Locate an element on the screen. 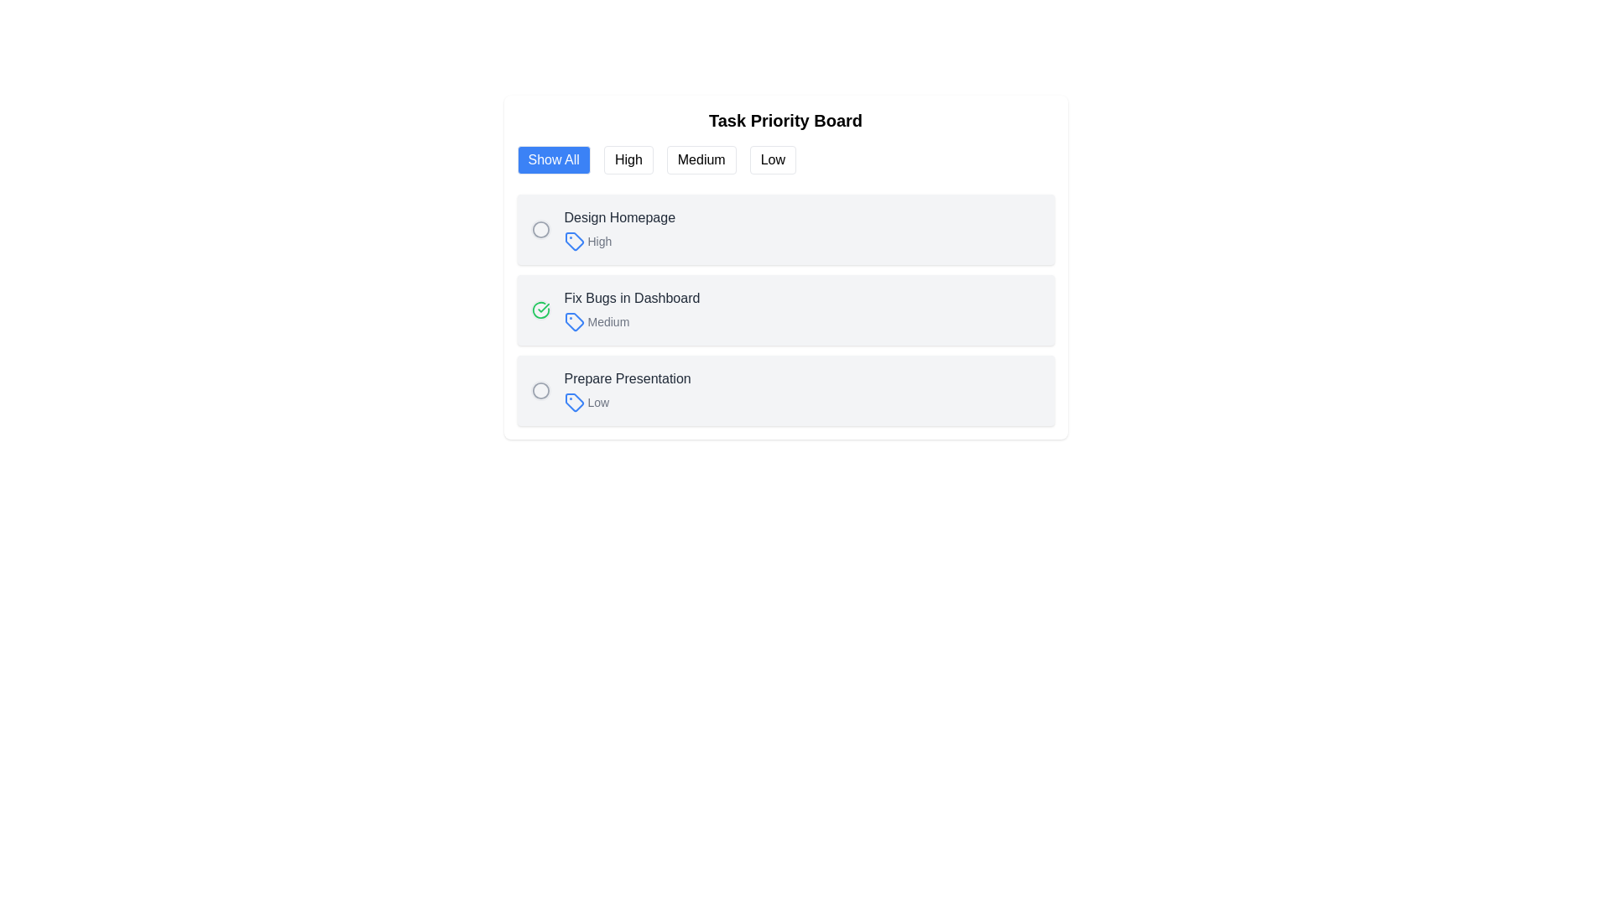  the task item displaying 'Prepare Presentation Low', which is the third entry in the 'Task Priority Board' list, and includes a circular icon and a blue tag icon is located at coordinates (610, 391).